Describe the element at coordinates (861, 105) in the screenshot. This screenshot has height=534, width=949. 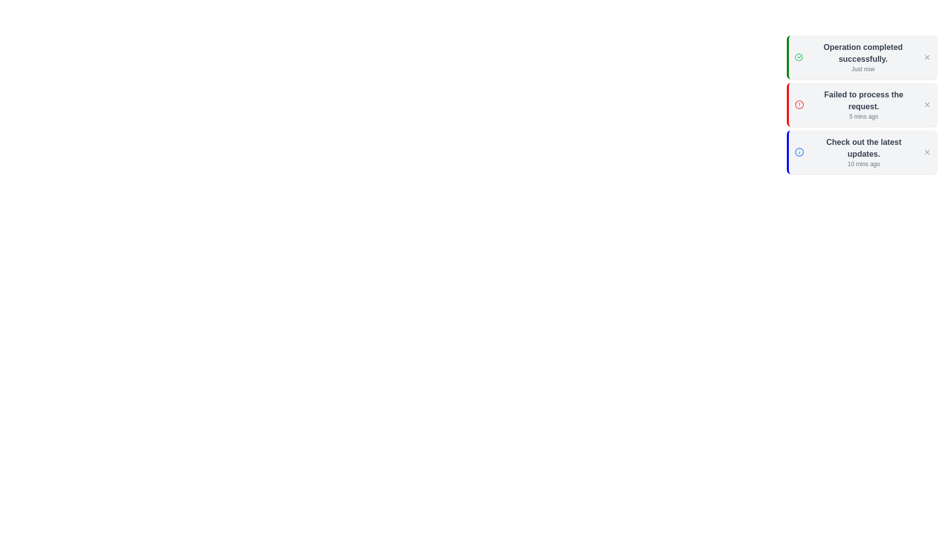
I see `the notification area to observe the timestamp information` at that location.